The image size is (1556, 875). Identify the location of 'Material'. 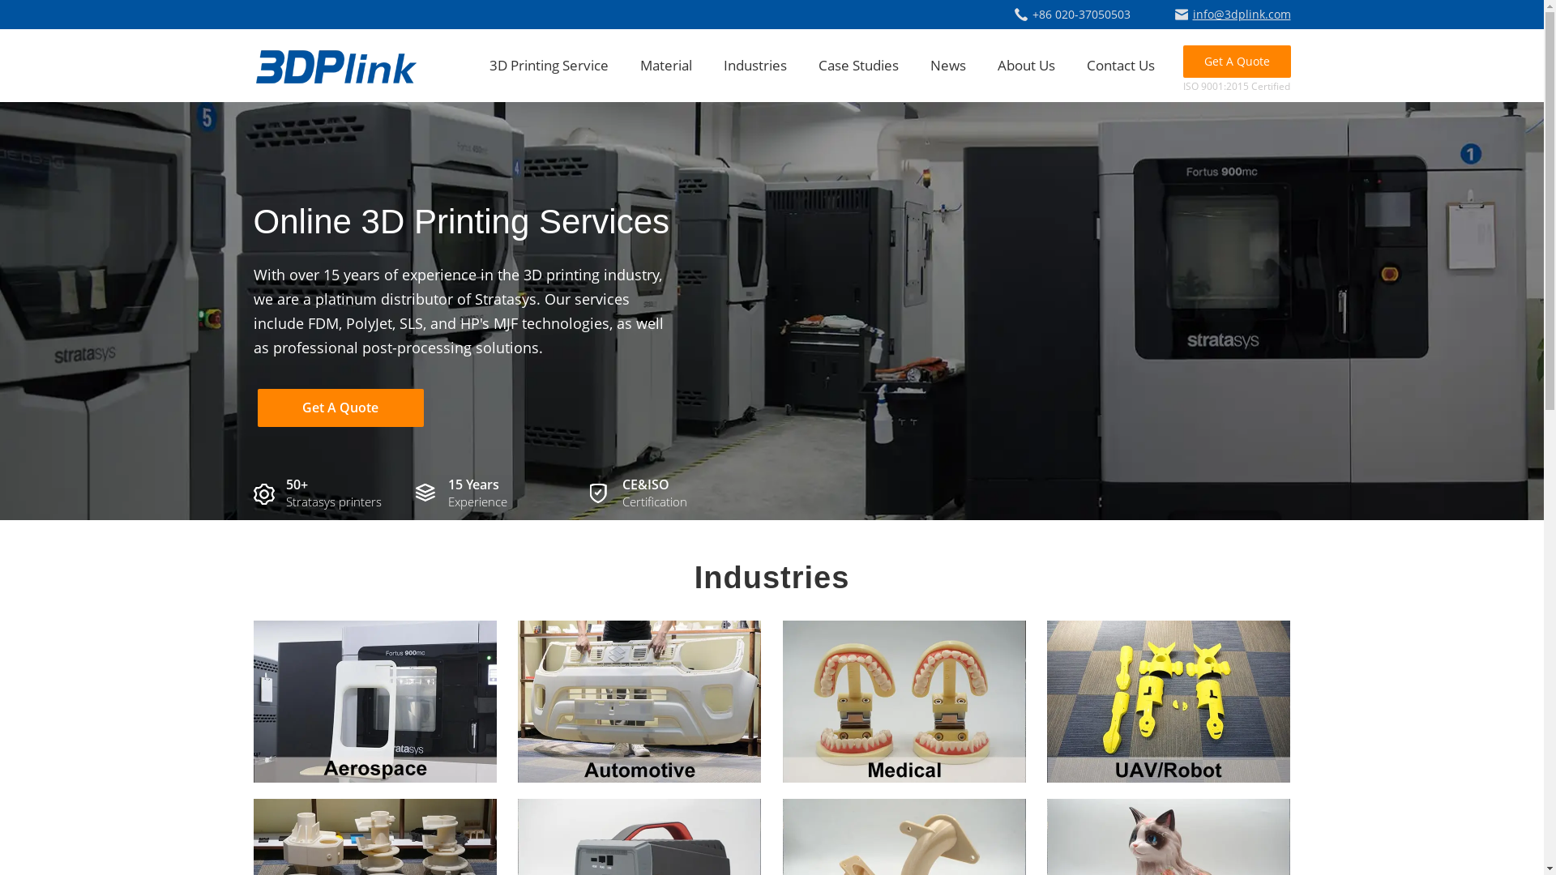
(665, 64).